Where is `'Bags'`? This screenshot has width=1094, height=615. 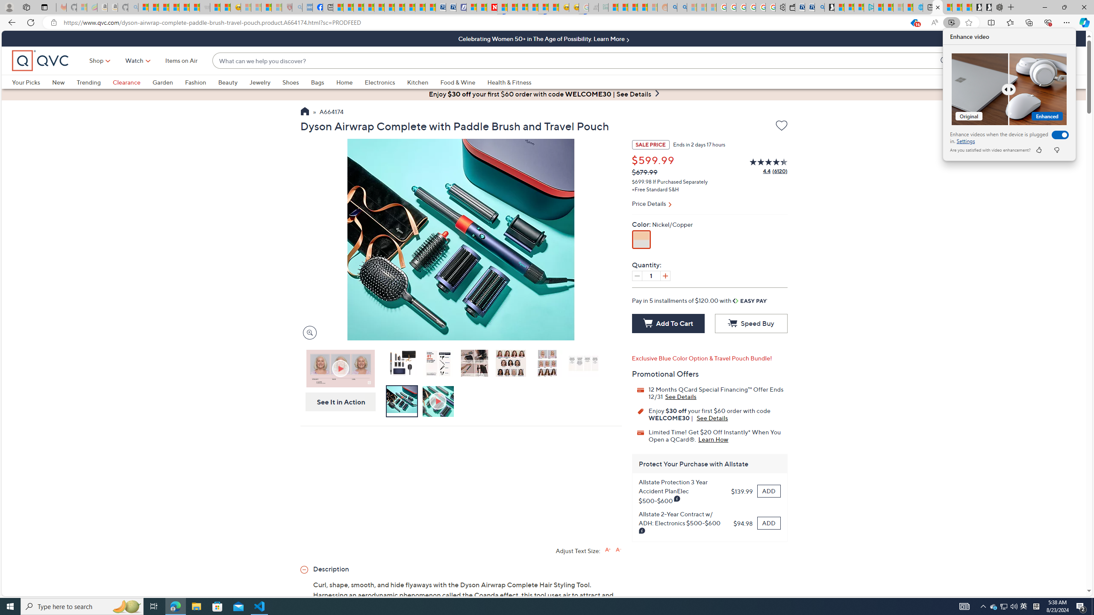
'Bags' is located at coordinates (323, 82).